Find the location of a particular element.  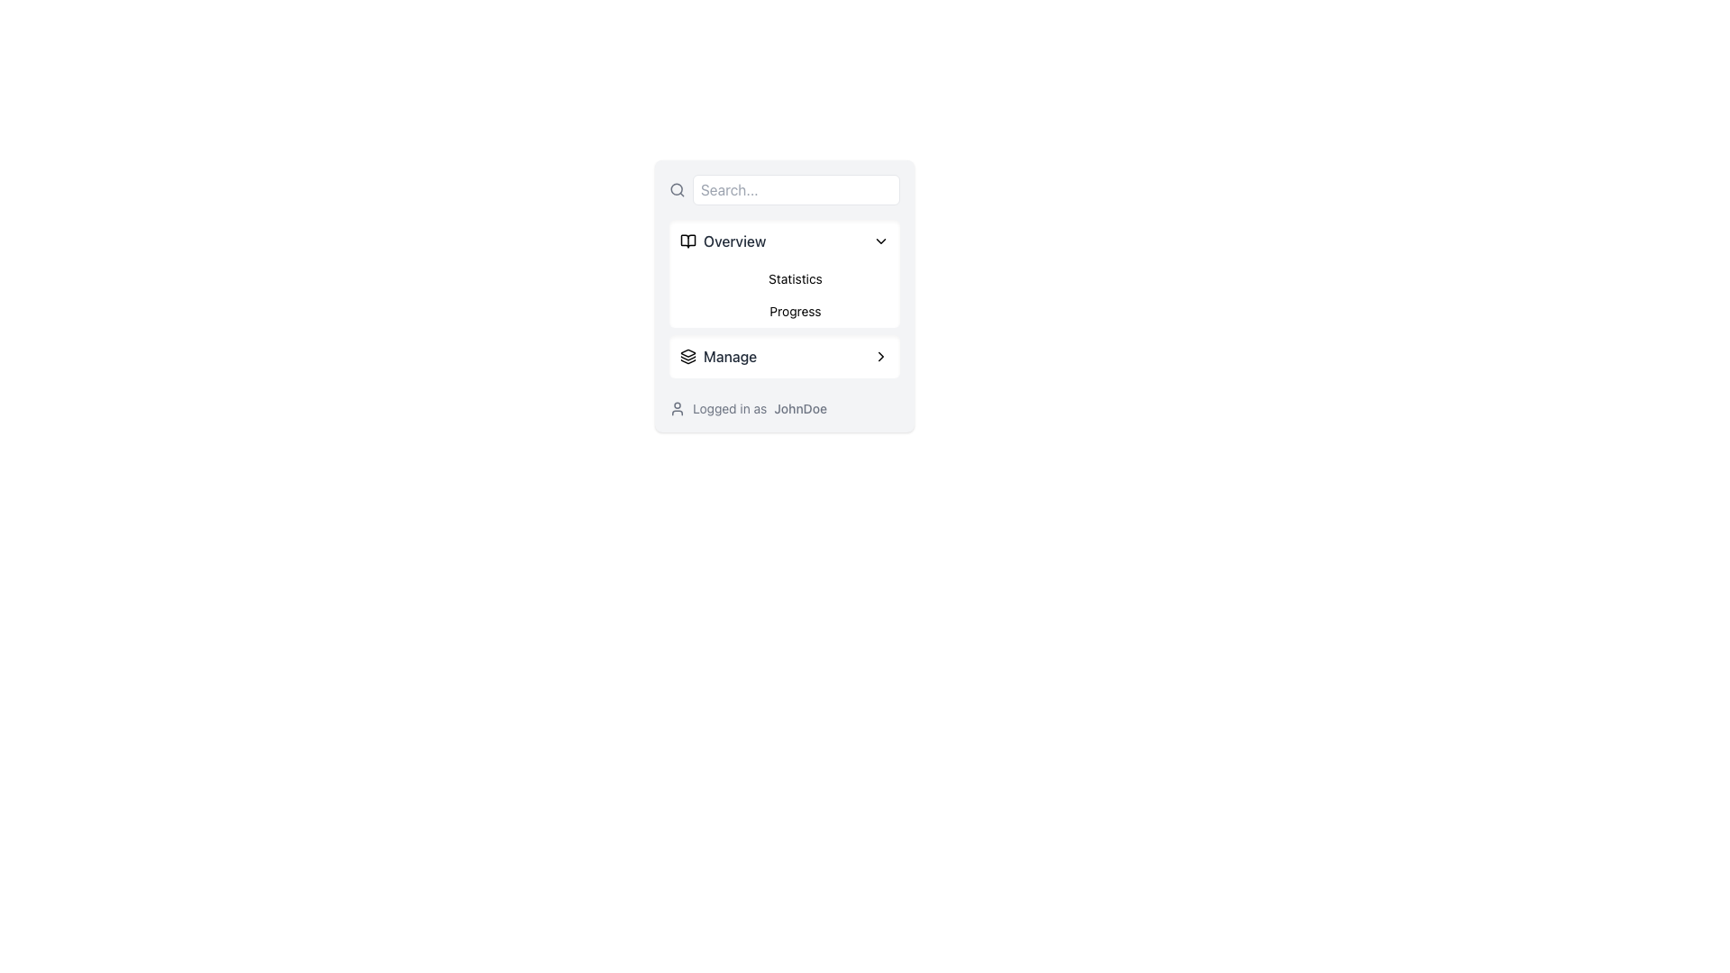

the 'Manage' button-like navigational menu item, which features a stacked layers icon on the left and bold text on the right, to emphasize its presence is located at coordinates (717, 357).